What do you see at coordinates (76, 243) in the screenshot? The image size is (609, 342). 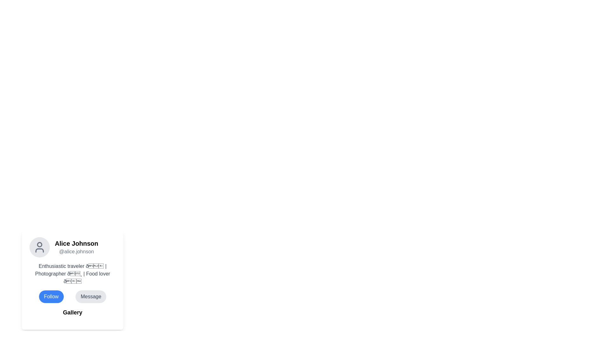 I see `the text label displaying the name 'Alice Johnson', which is formatted in bold and positioned at the beginning of the profile card section` at bounding box center [76, 243].